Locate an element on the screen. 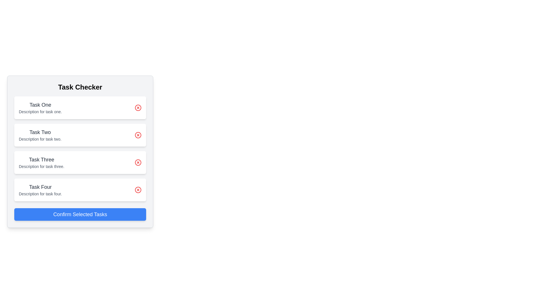 Image resolution: width=548 pixels, height=308 pixels. the 'Task Two' text label displayed in bold, medium-large dark gray font is located at coordinates (40, 132).